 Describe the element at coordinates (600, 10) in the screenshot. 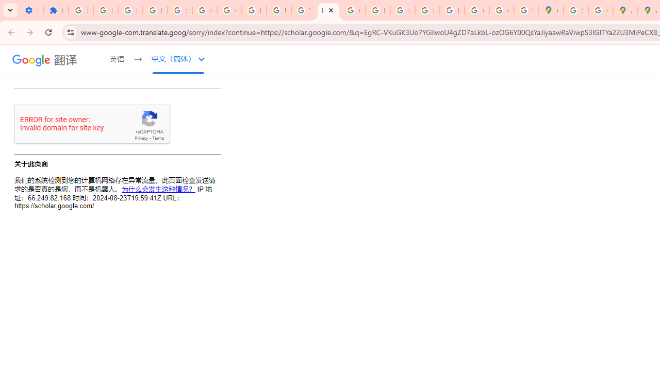

I see `'Create your Google Account'` at that location.